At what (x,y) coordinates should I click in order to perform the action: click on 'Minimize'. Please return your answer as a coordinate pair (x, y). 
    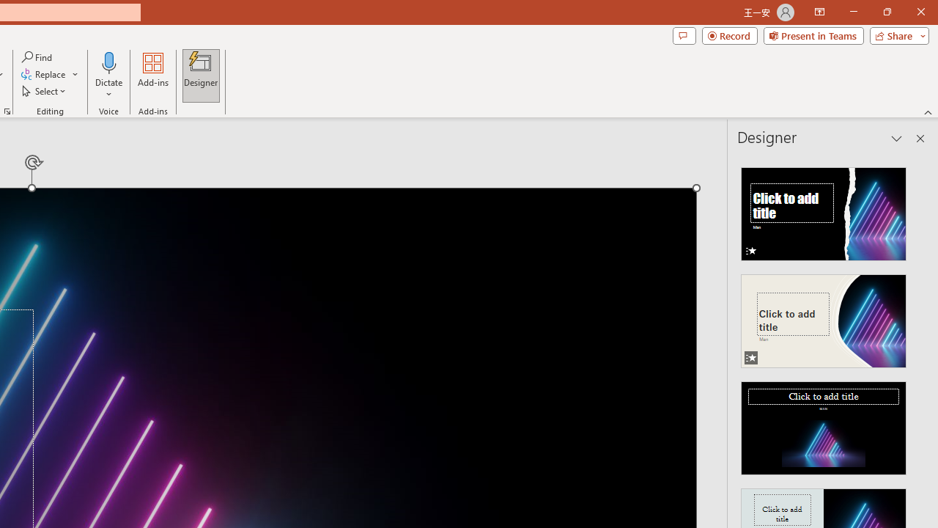
    Looking at the image, I should click on (853, 12).